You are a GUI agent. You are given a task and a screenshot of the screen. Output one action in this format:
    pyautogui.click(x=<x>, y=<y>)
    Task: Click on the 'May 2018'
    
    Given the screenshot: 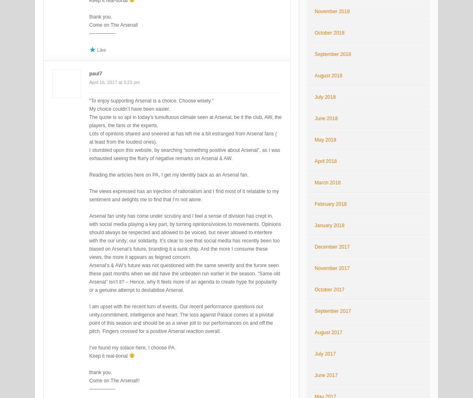 What is the action you would take?
    pyautogui.click(x=314, y=139)
    